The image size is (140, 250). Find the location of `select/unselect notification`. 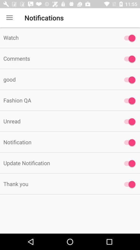

select/unselect notification is located at coordinates (128, 184).